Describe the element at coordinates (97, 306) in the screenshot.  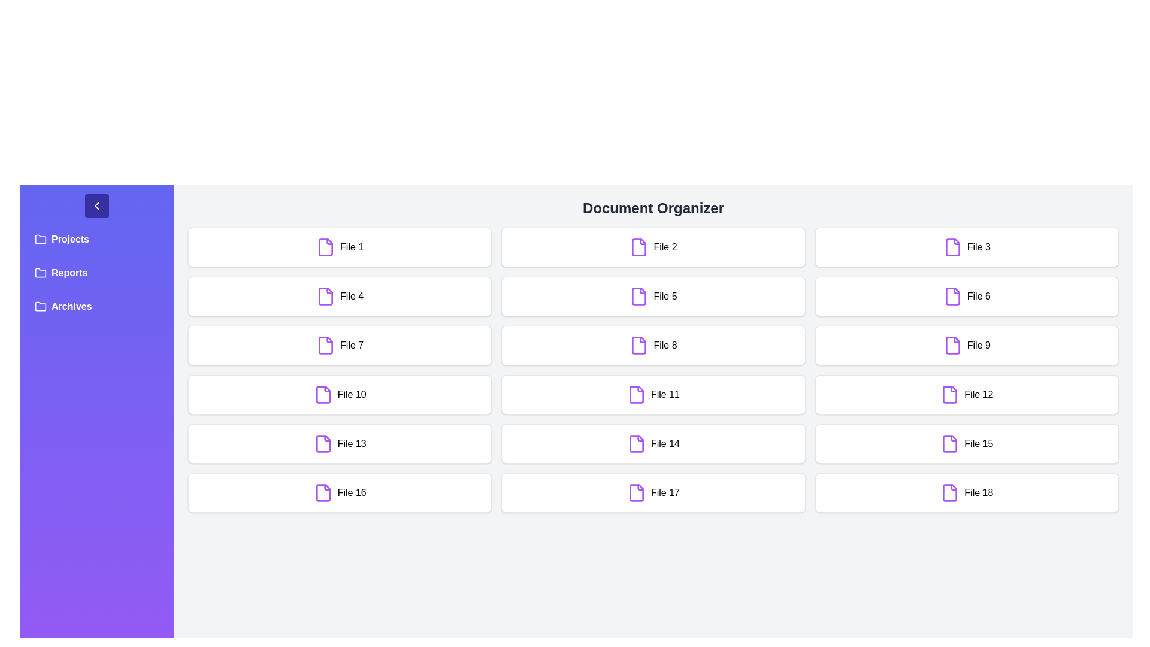
I see `the folder labeled Archives in the sidebar to open it` at that location.